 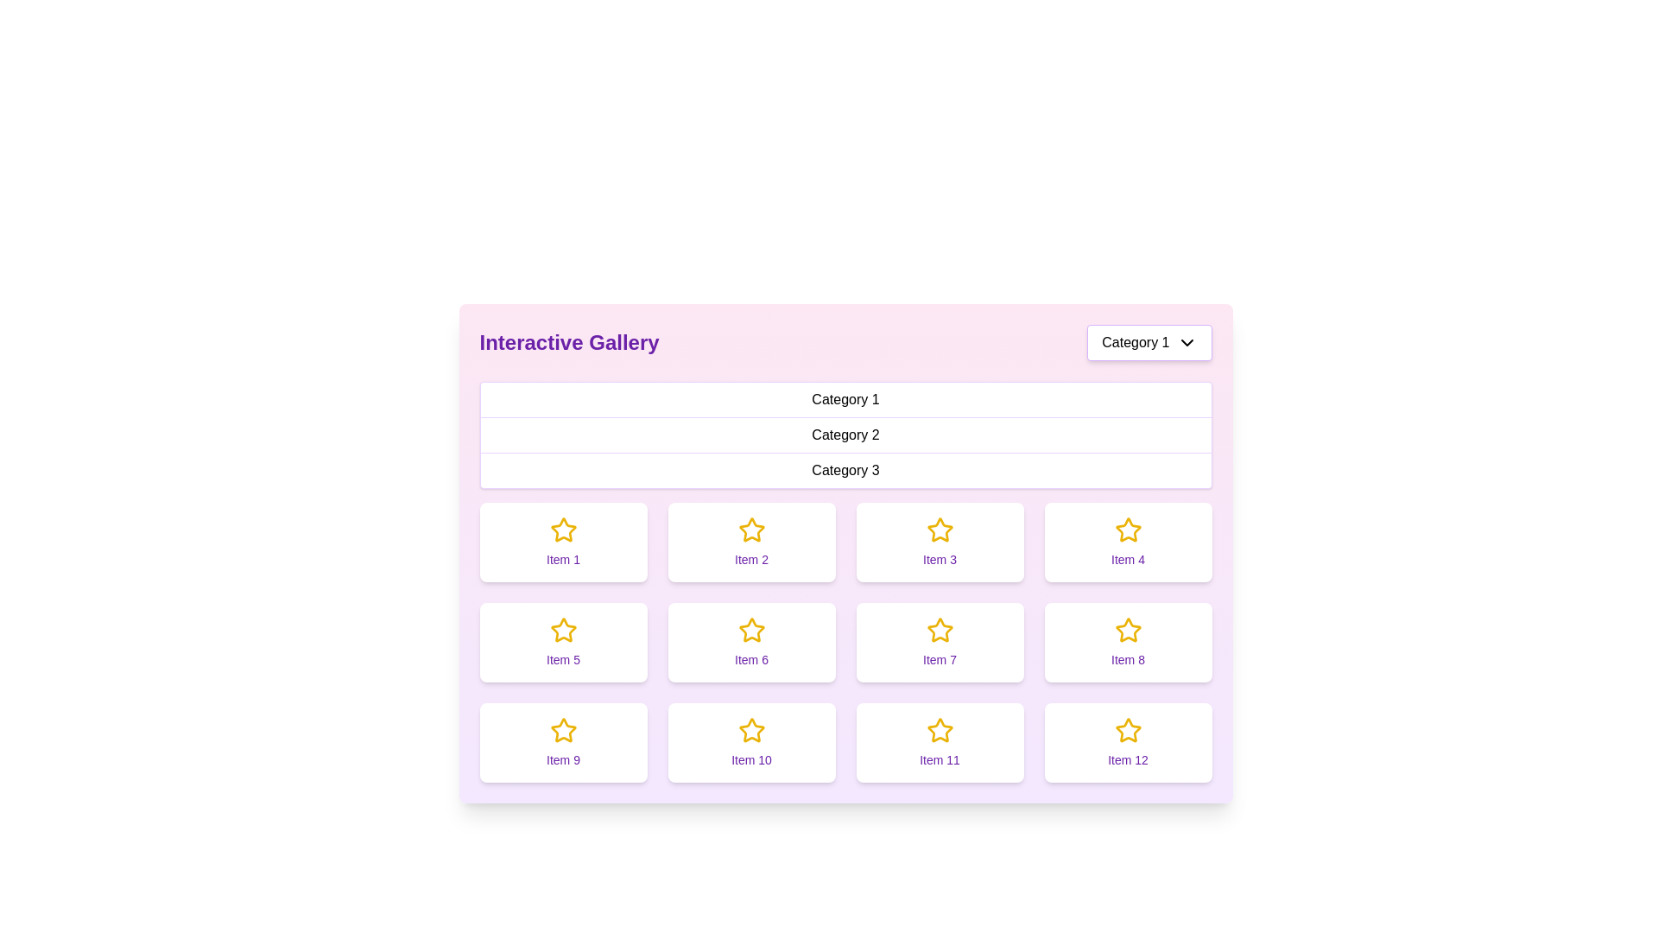 What do you see at coordinates (751, 560) in the screenshot?
I see `the text label 'Item 2' displayed in medium purple font, located beneath the yellow star icon in the interactive gallery section` at bounding box center [751, 560].